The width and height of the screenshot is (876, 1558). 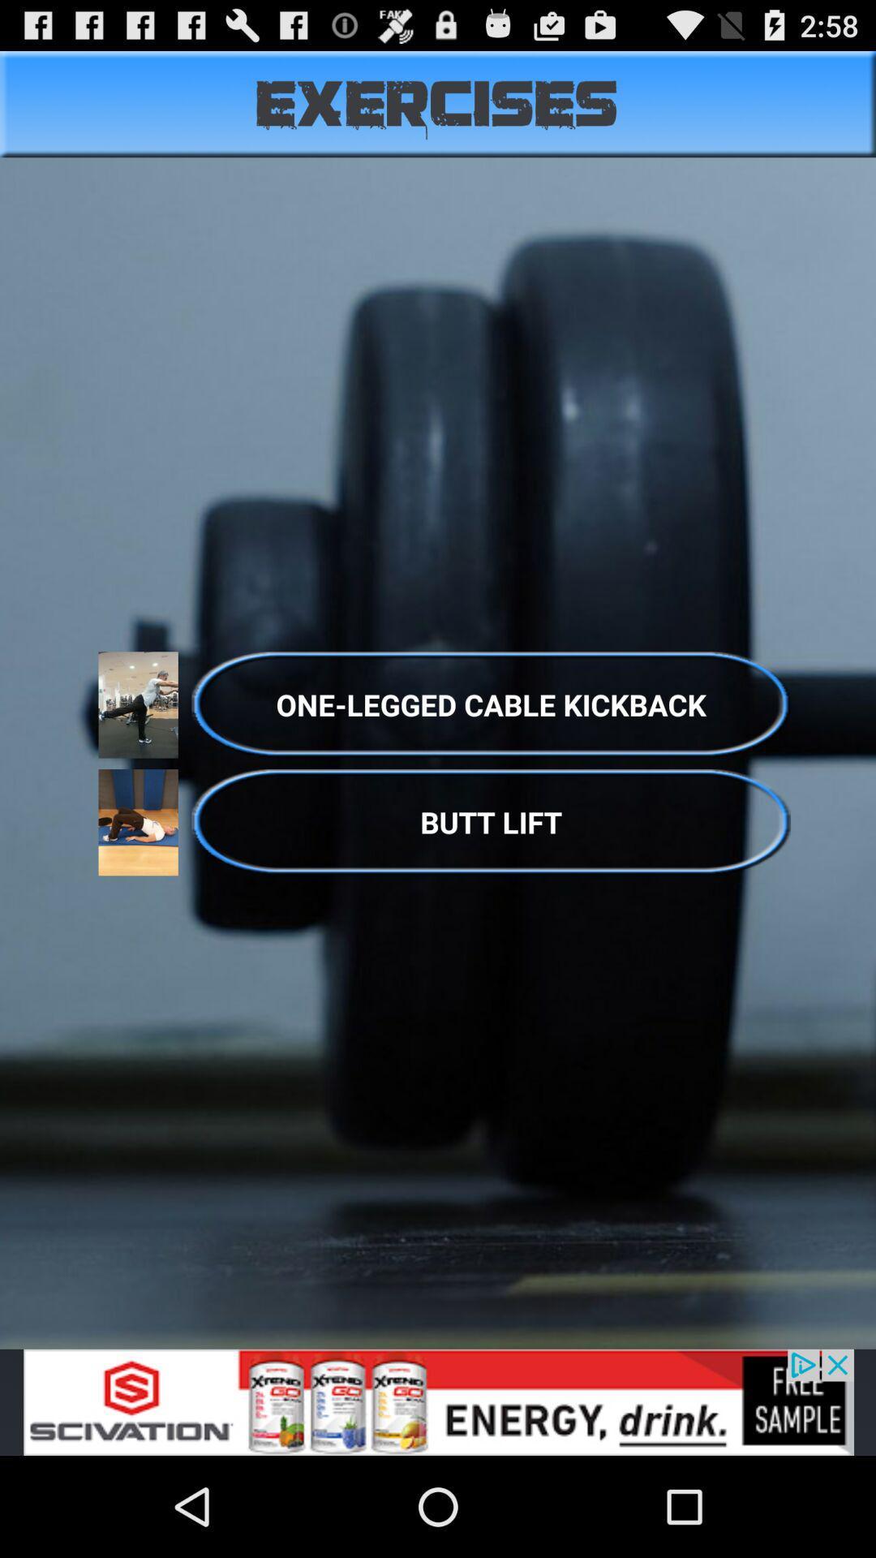 What do you see at coordinates (438, 1401) in the screenshot?
I see `redirects the user to a website` at bounding box center [438, 1401].